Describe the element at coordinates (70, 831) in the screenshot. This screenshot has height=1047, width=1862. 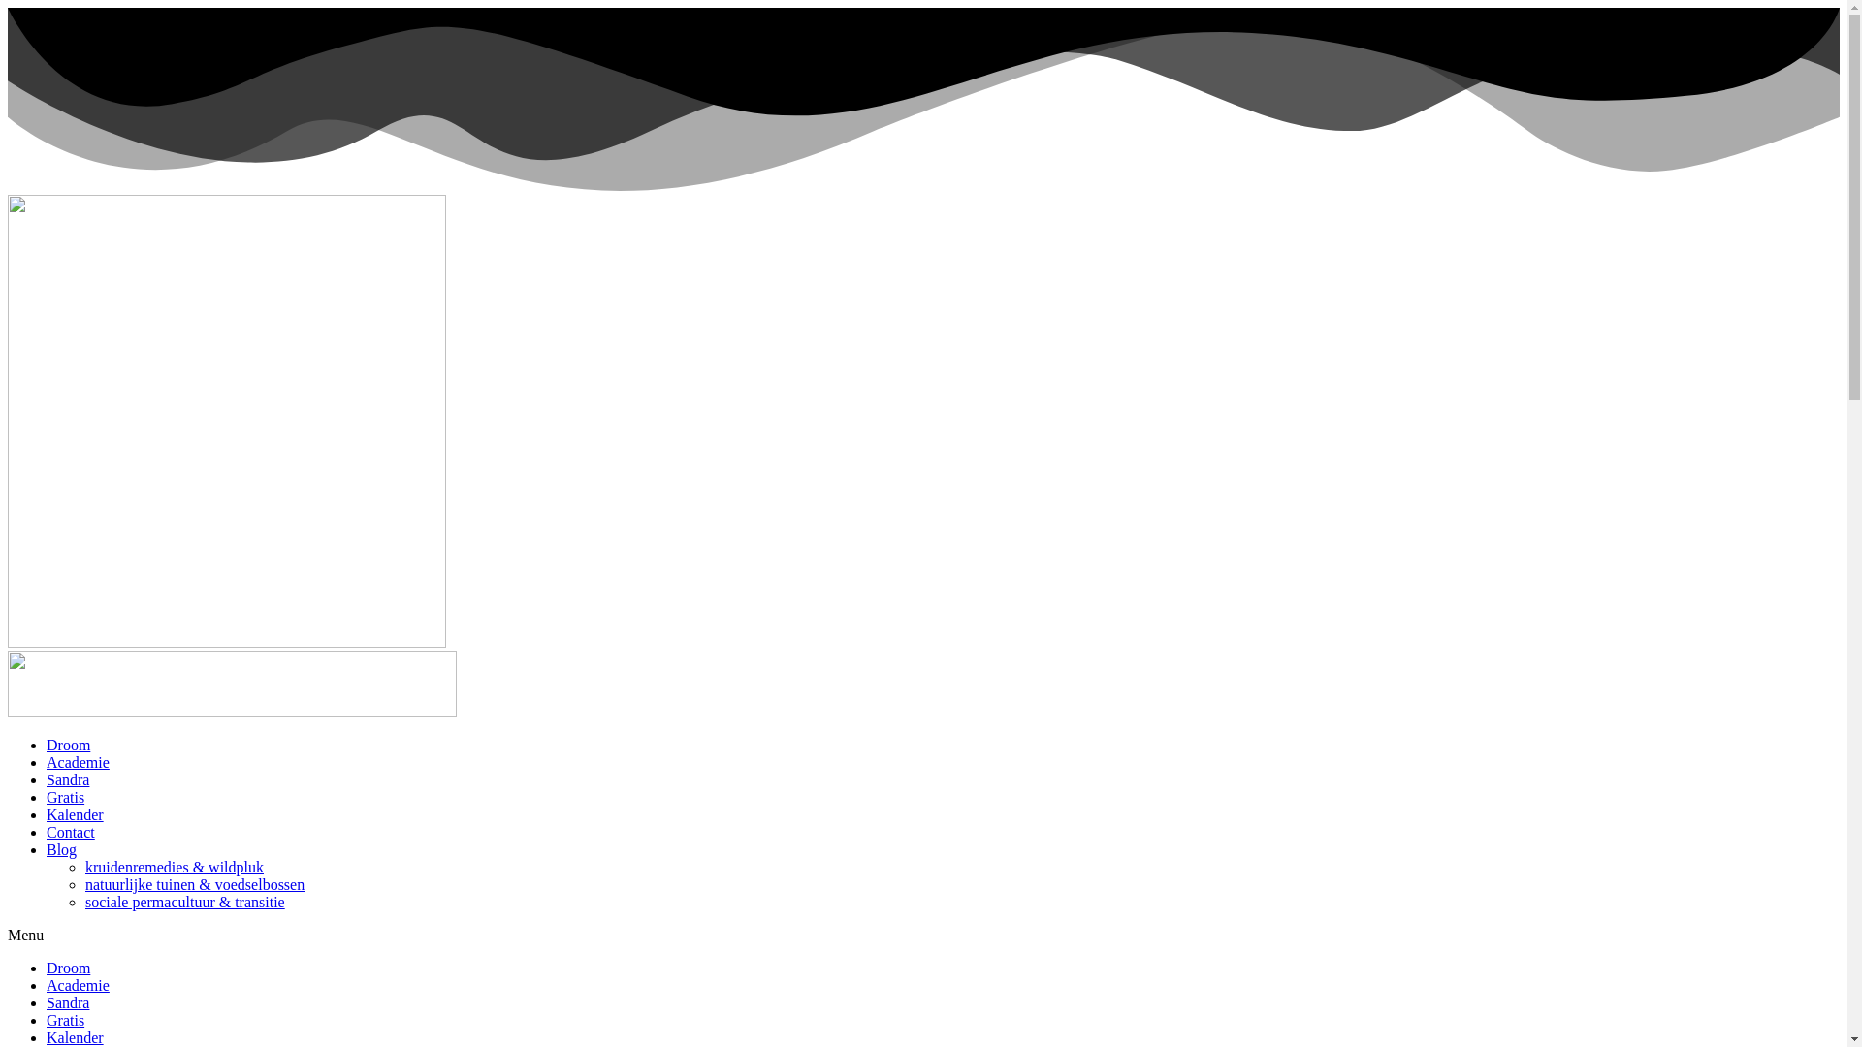
I see `'Contact'` at that location.